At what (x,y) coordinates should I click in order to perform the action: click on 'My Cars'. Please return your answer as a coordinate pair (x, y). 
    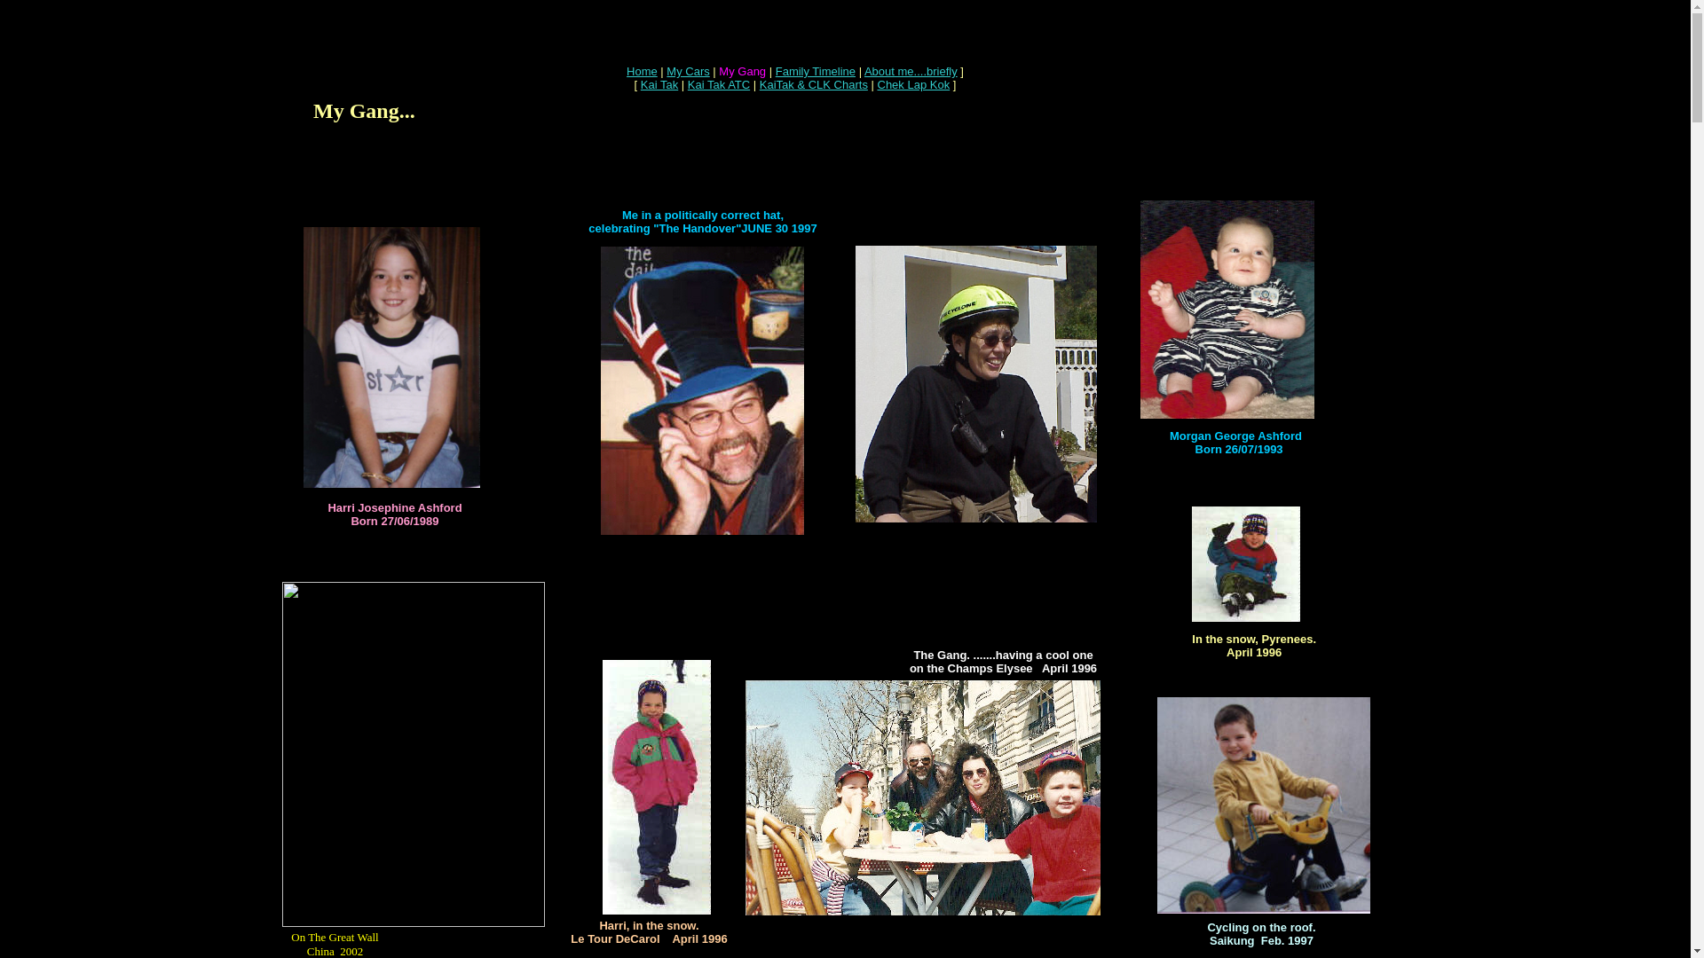
    Looking at the image, I should click on (686, 70).